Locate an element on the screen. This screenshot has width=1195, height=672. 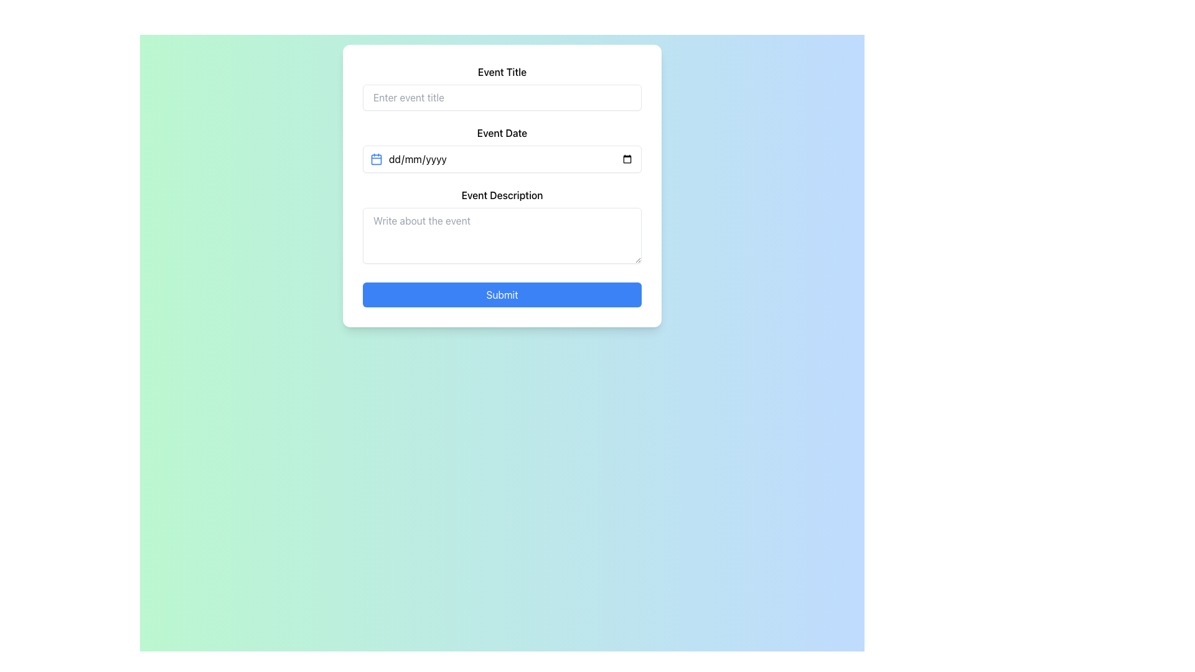
the submit button located at the bottom of the form is located at coordinates (502, 295).